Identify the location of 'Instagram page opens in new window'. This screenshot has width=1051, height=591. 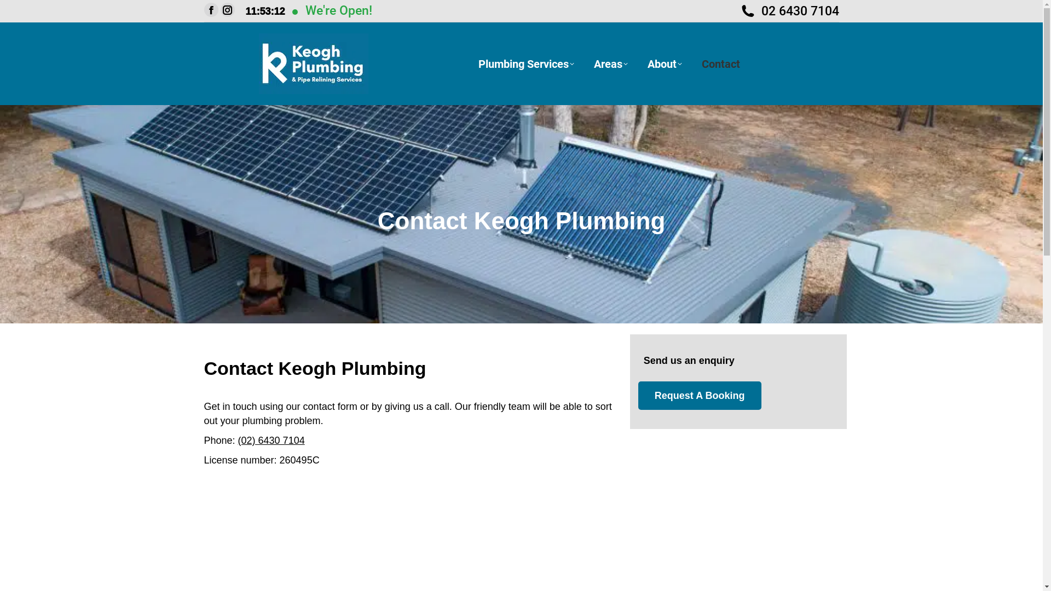
(226, 10).